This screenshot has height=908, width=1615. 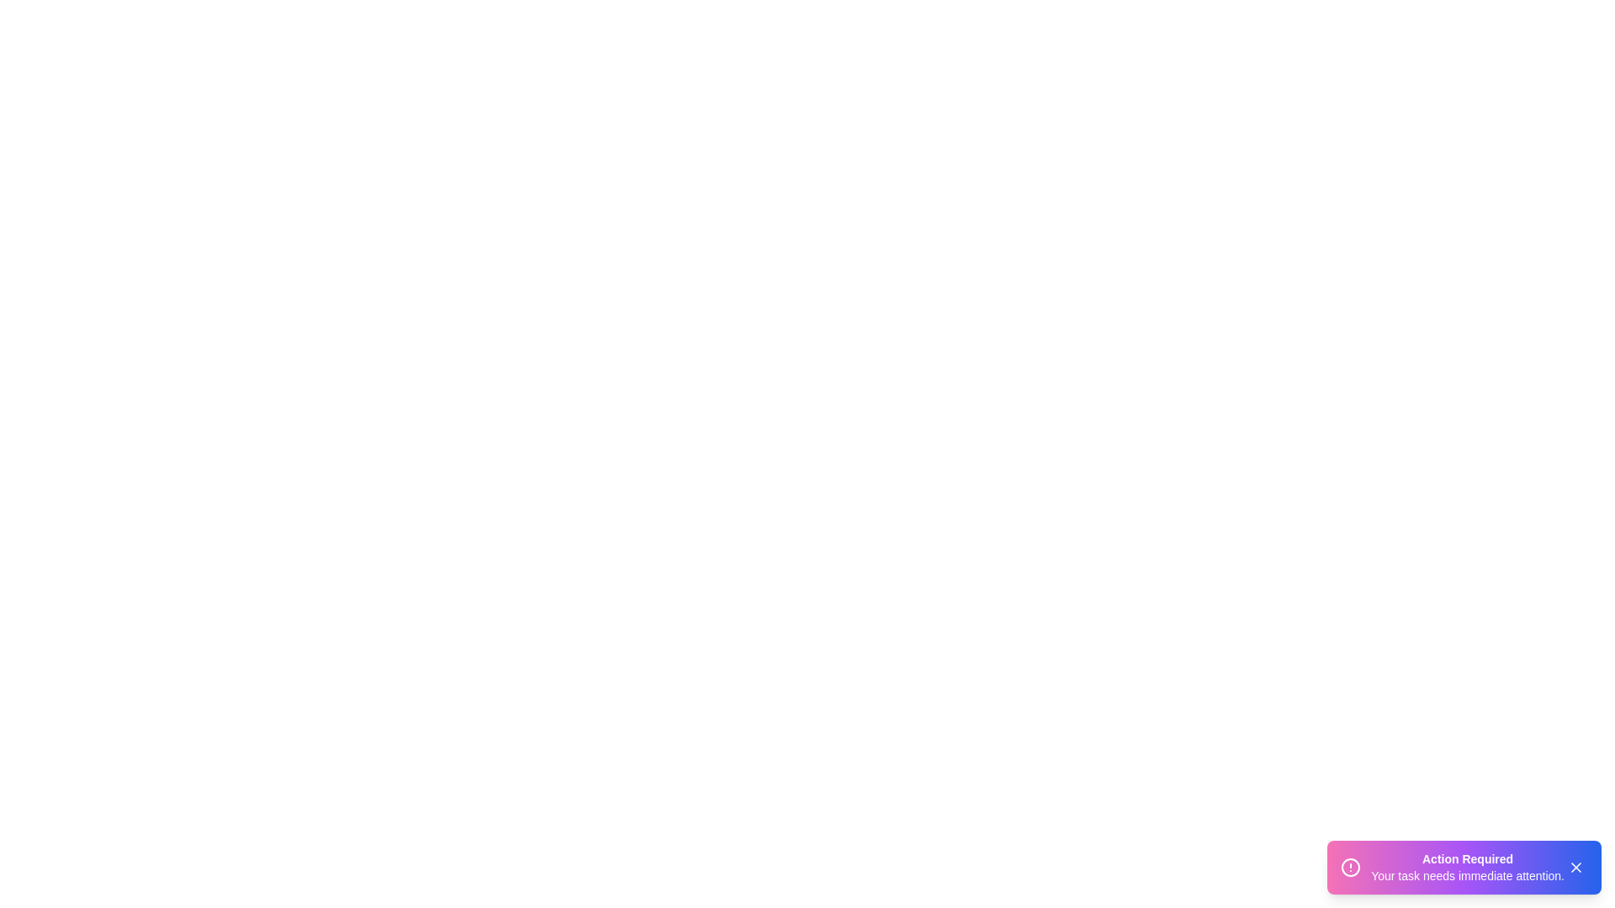 What do you see at coordinates (1467, 859) in the screenshot?
I see `the text 'Action Required' within the snackbar` at bounding box center [1467, 859].